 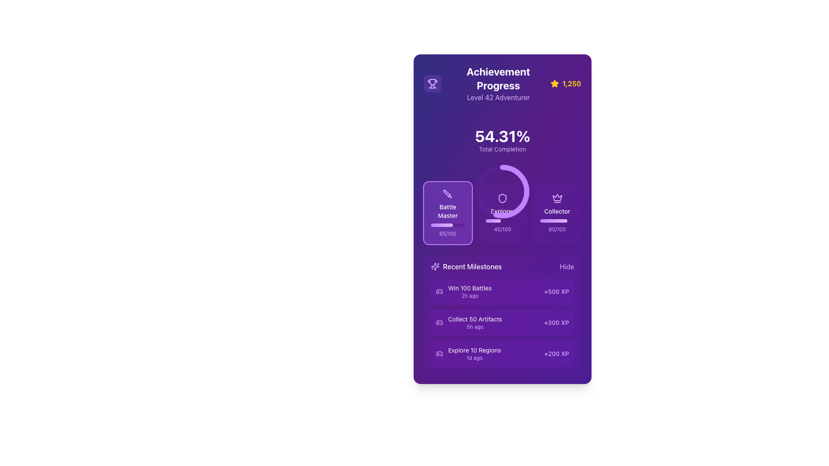 I want to click on the circular progress bar located in the 'Achievement Progress' card, positioned beneath the text '54.31%' and above the label 'Explore', so click(x=502, y=140).